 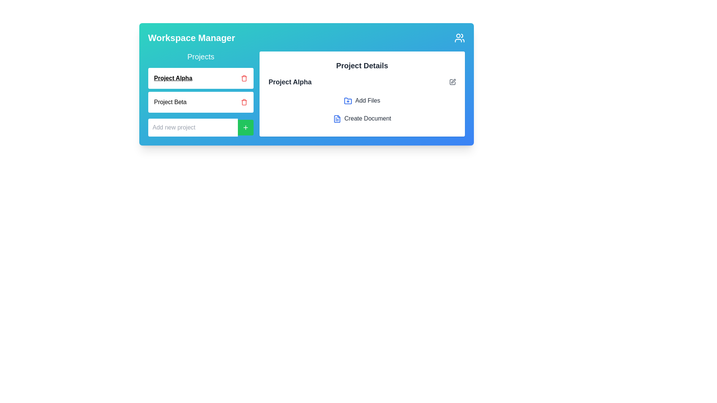 What do you see at coordinates (337, 118) in the screenshot?
I see `the document icon located in the 'Project Details' section, adjacent to the 'Create Document' label, representing a file or text document` at bounding box center [337, 118].